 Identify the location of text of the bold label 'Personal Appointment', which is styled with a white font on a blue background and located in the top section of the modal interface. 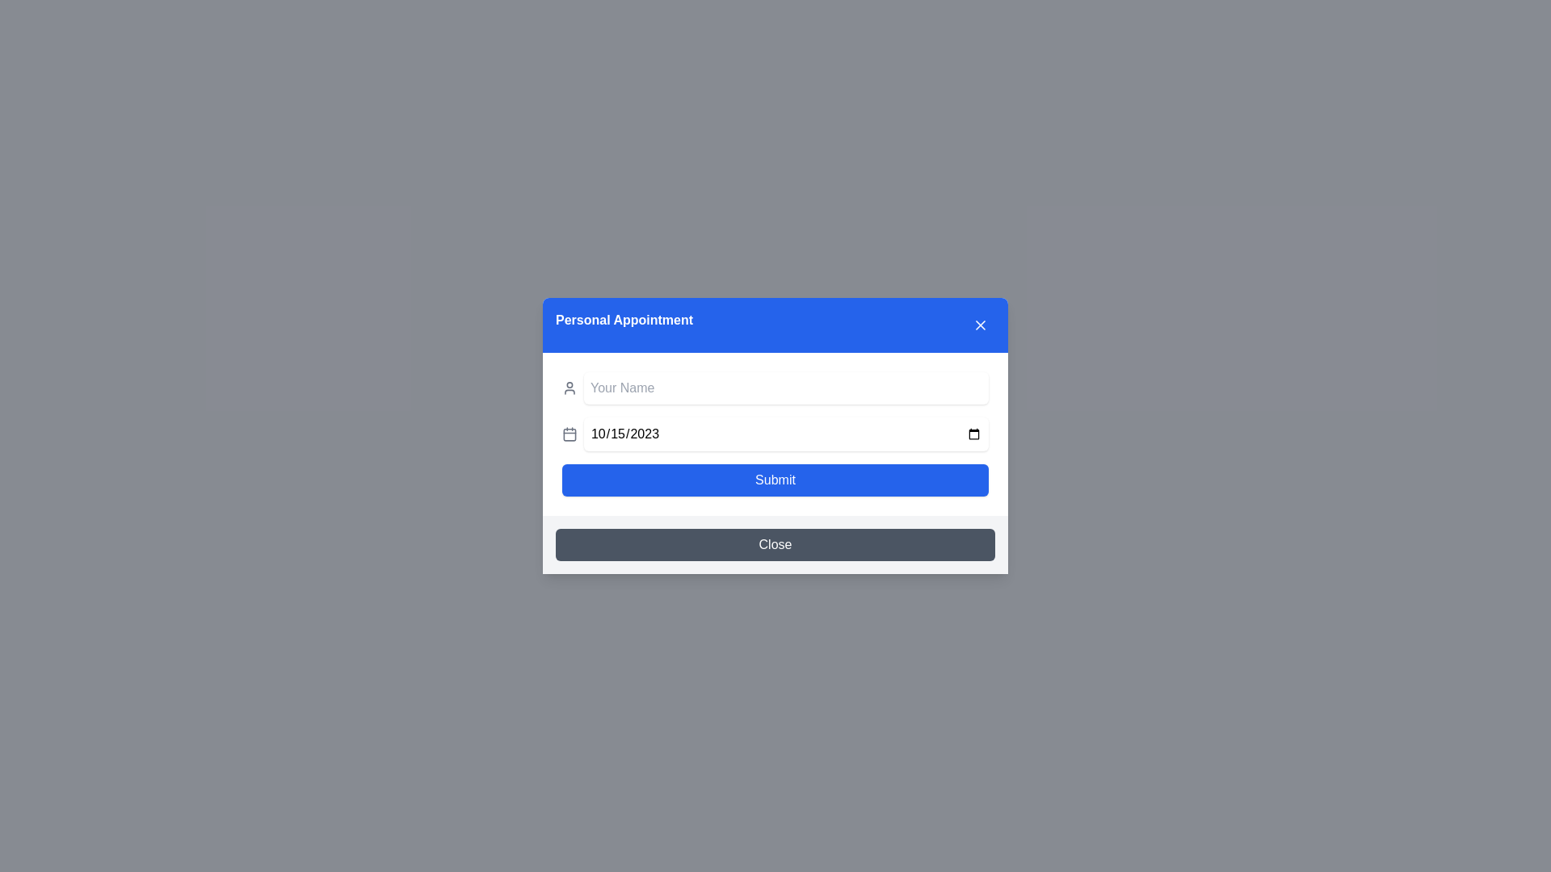
(623, 325).